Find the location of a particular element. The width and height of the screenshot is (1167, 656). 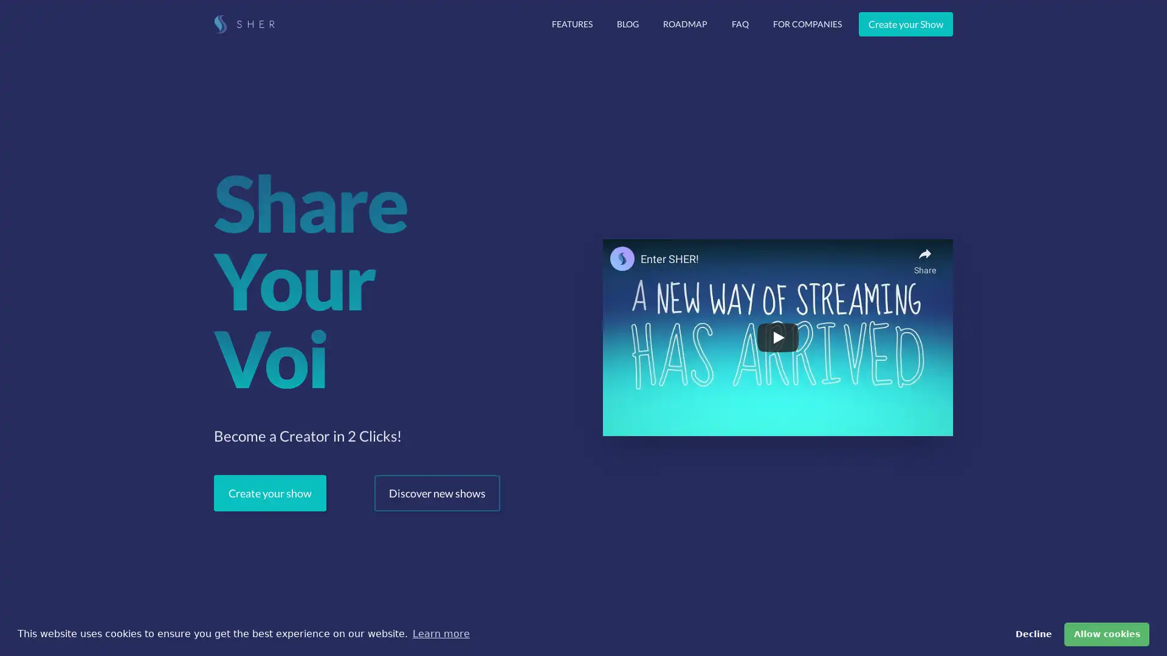

Discover new shows is located at coordinates (437, 493).